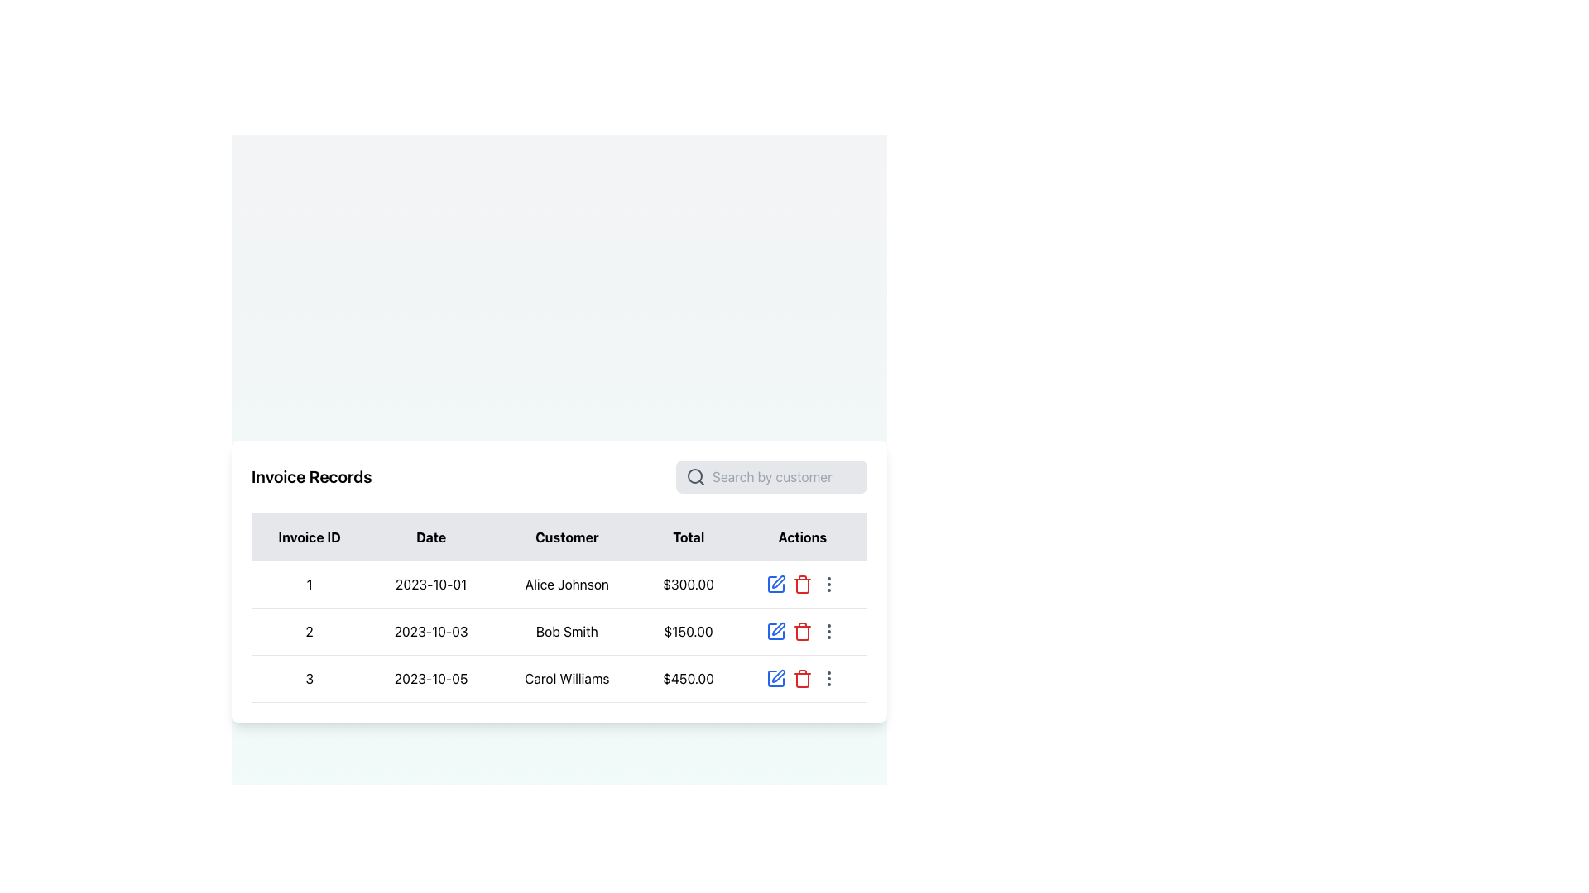 Image resolution: width=1589 pixels, height=893 pixels. Describe the element at coordinates (431, 631) in the screenshot. I see `the 'Date' cell` at that location.